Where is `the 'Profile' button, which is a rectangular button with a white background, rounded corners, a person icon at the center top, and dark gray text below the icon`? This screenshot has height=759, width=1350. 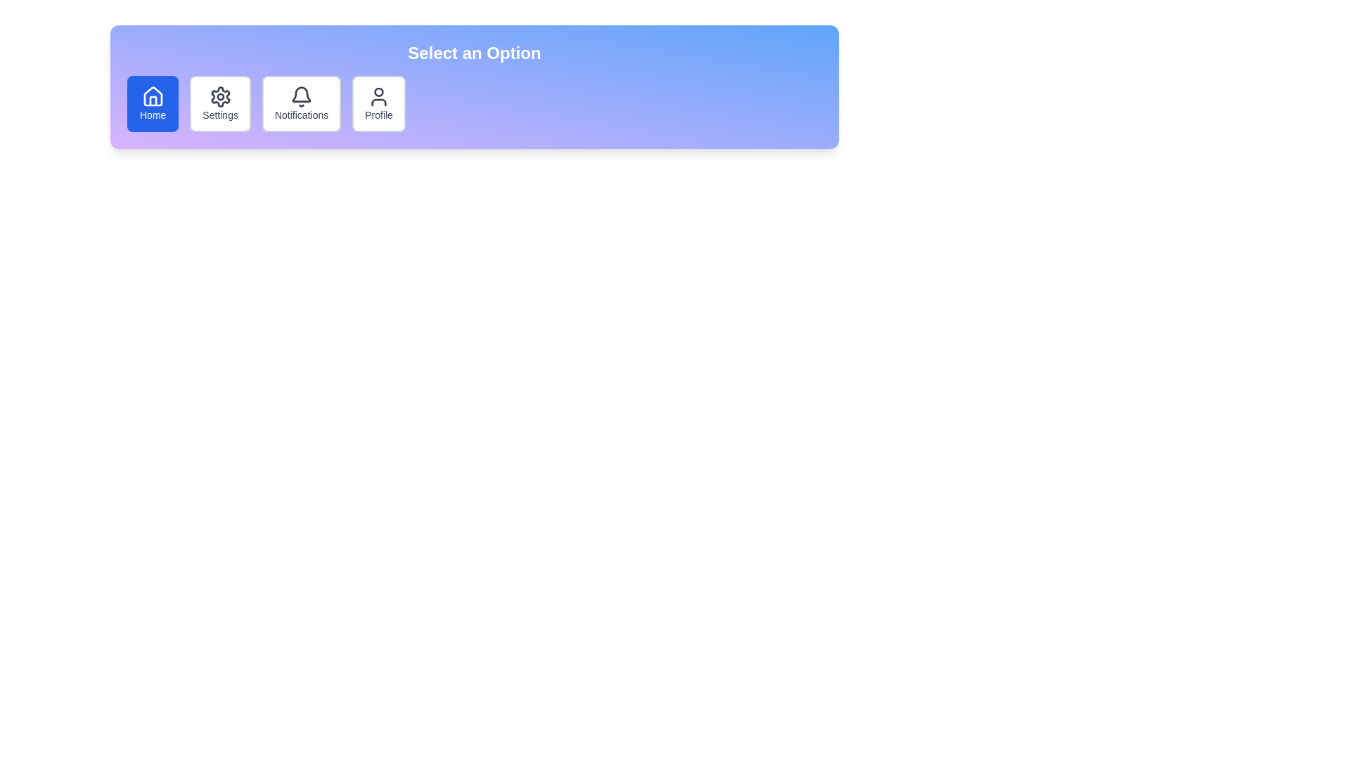
the 'Profile' button, which is a rectangular button with a white background, rounded corners, a person icon at the center top, and dark gray text below the icon is located at coordinates (379, 103).